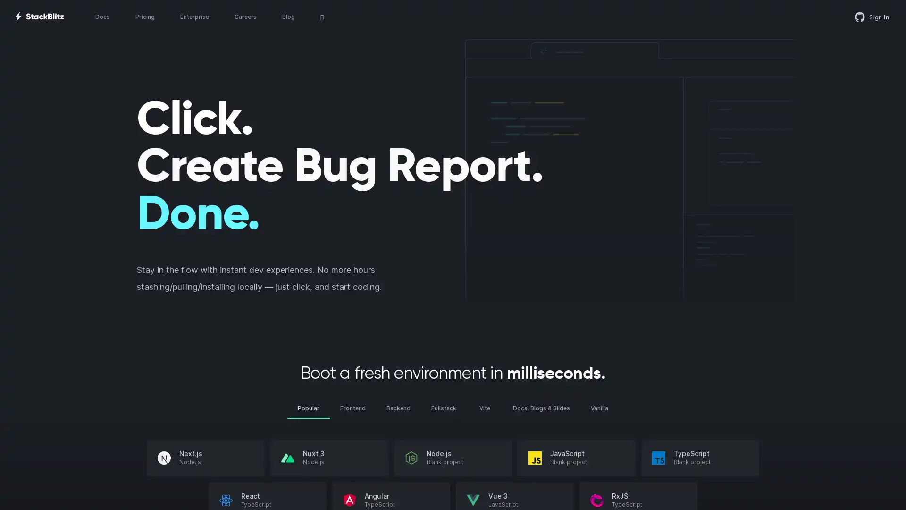 This screenshot has height=510, width=906. I want to click on Backend, so click(398, 408).